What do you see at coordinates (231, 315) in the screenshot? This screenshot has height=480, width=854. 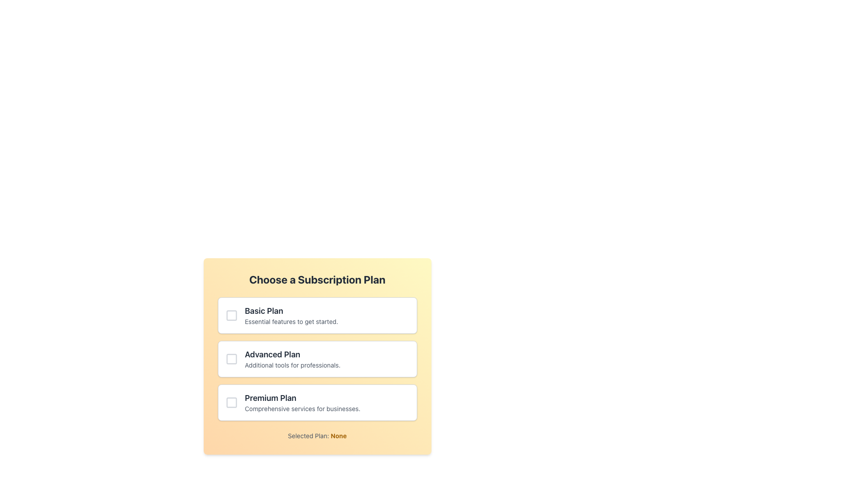 I see `the checkbox located next to the 'Basic Plan' text` at bounding box center [231, 315].